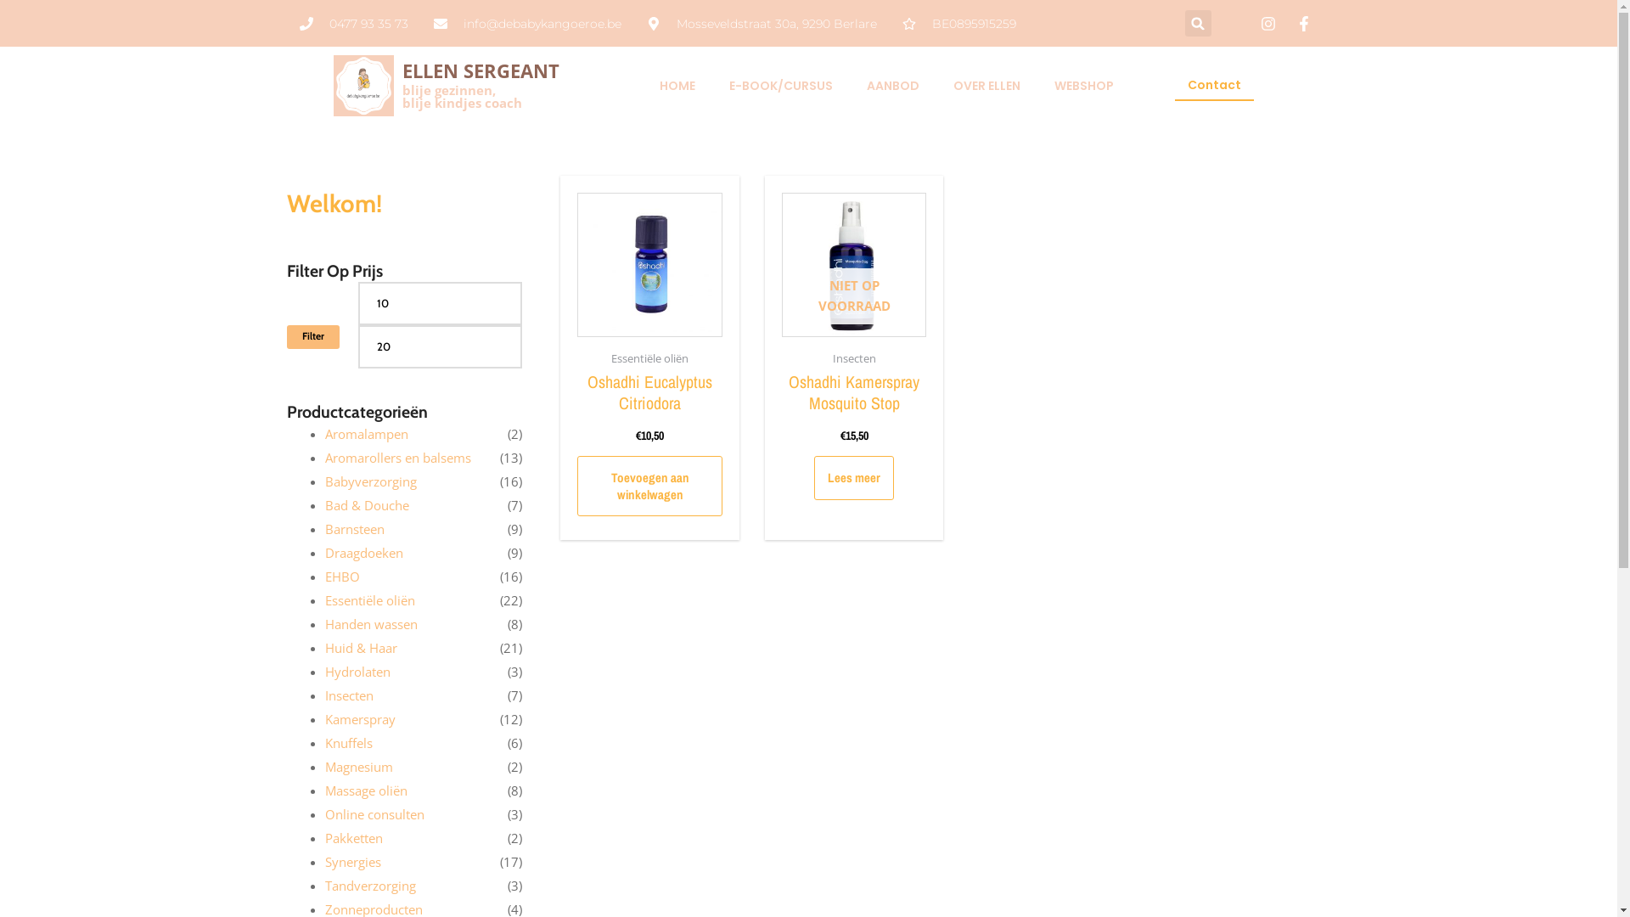 This screenshot has width=1630, height=917. What do you see at coordinates (369, 481) in the screenshot?
I see `'Babyverzorging'` at bounding box center [369, 481].